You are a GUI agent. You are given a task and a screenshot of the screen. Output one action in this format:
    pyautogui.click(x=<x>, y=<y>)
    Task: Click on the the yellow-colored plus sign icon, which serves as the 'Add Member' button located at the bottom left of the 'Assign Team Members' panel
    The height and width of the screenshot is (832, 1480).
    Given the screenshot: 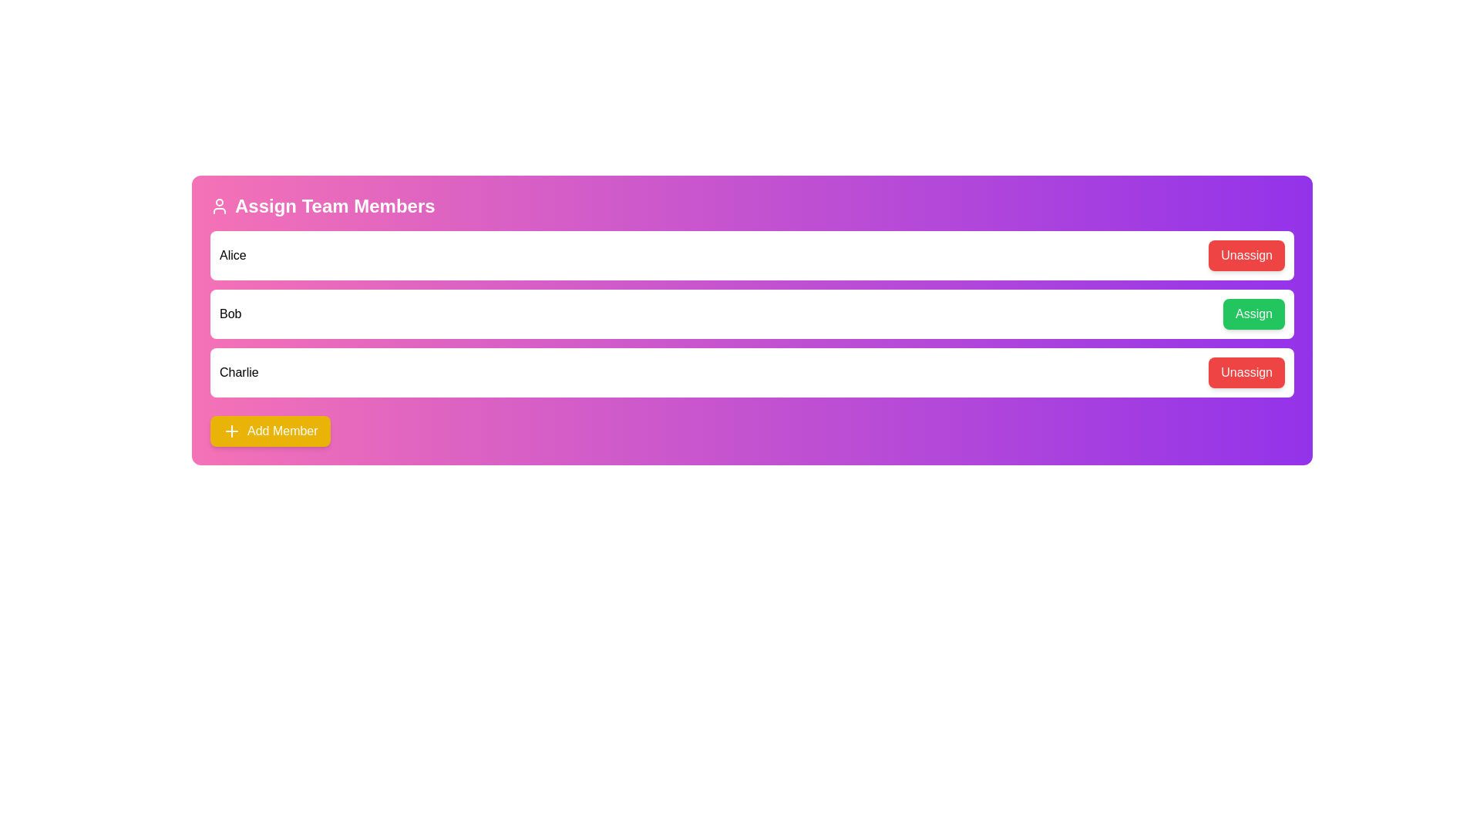 What is the action you would take?
    pyautogui.click(x=231, y=431)
    